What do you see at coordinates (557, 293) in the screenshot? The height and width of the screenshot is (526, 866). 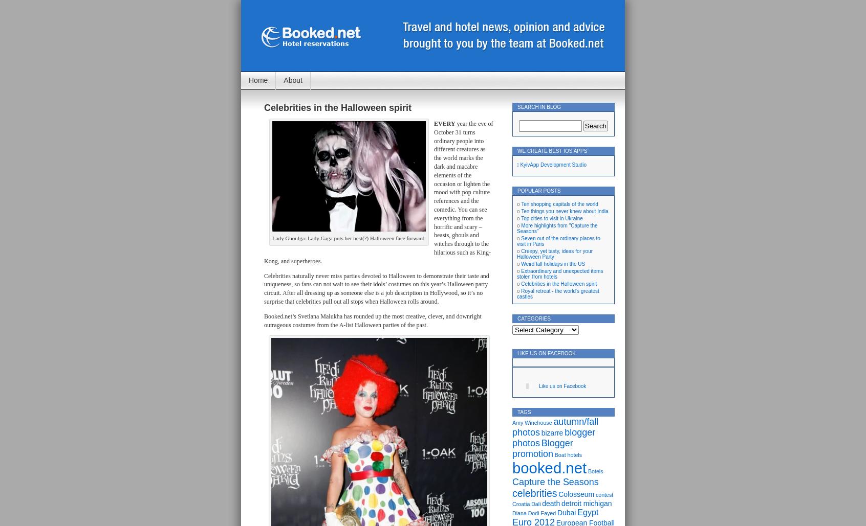 I see `'Royal retreat - the world's greatest castles'` at bounding box center [557, 293].